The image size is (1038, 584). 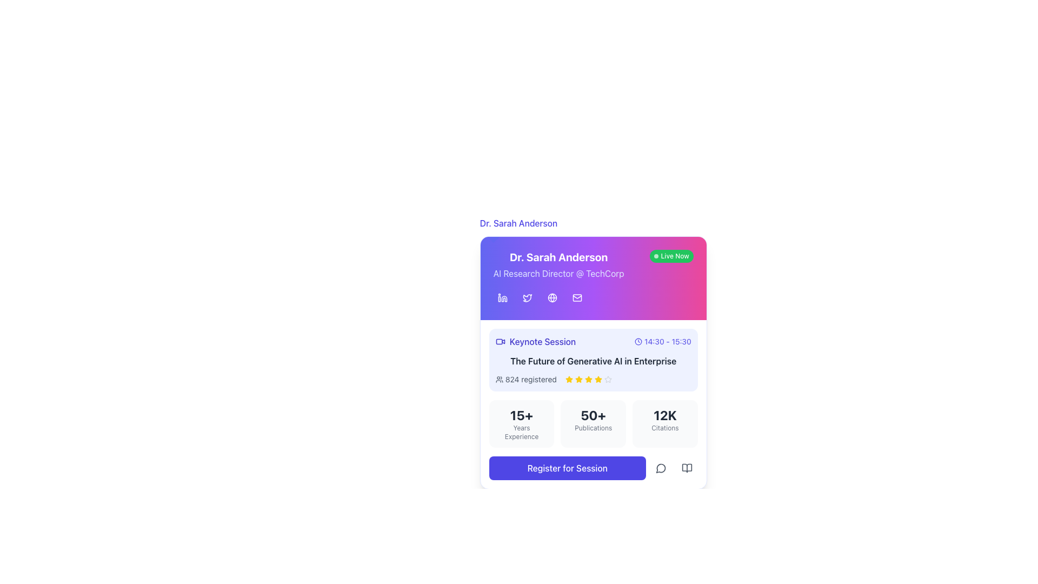 What do you see at coordinates (593, 404) in the screenshot?
I see `the Informational box displaying '50+' and 'Publications', which is the second box below the 'Keynote Session' section` at bounding box center [593, 404].